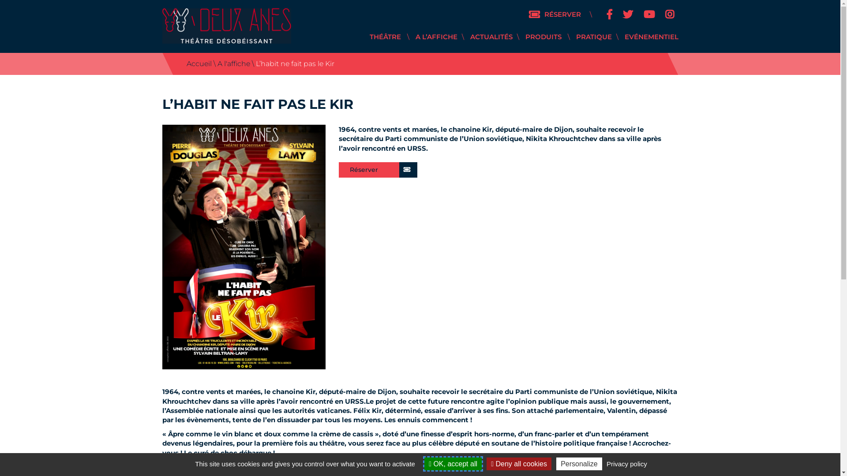  I want to click on 'Personalize', so click(579, 463).